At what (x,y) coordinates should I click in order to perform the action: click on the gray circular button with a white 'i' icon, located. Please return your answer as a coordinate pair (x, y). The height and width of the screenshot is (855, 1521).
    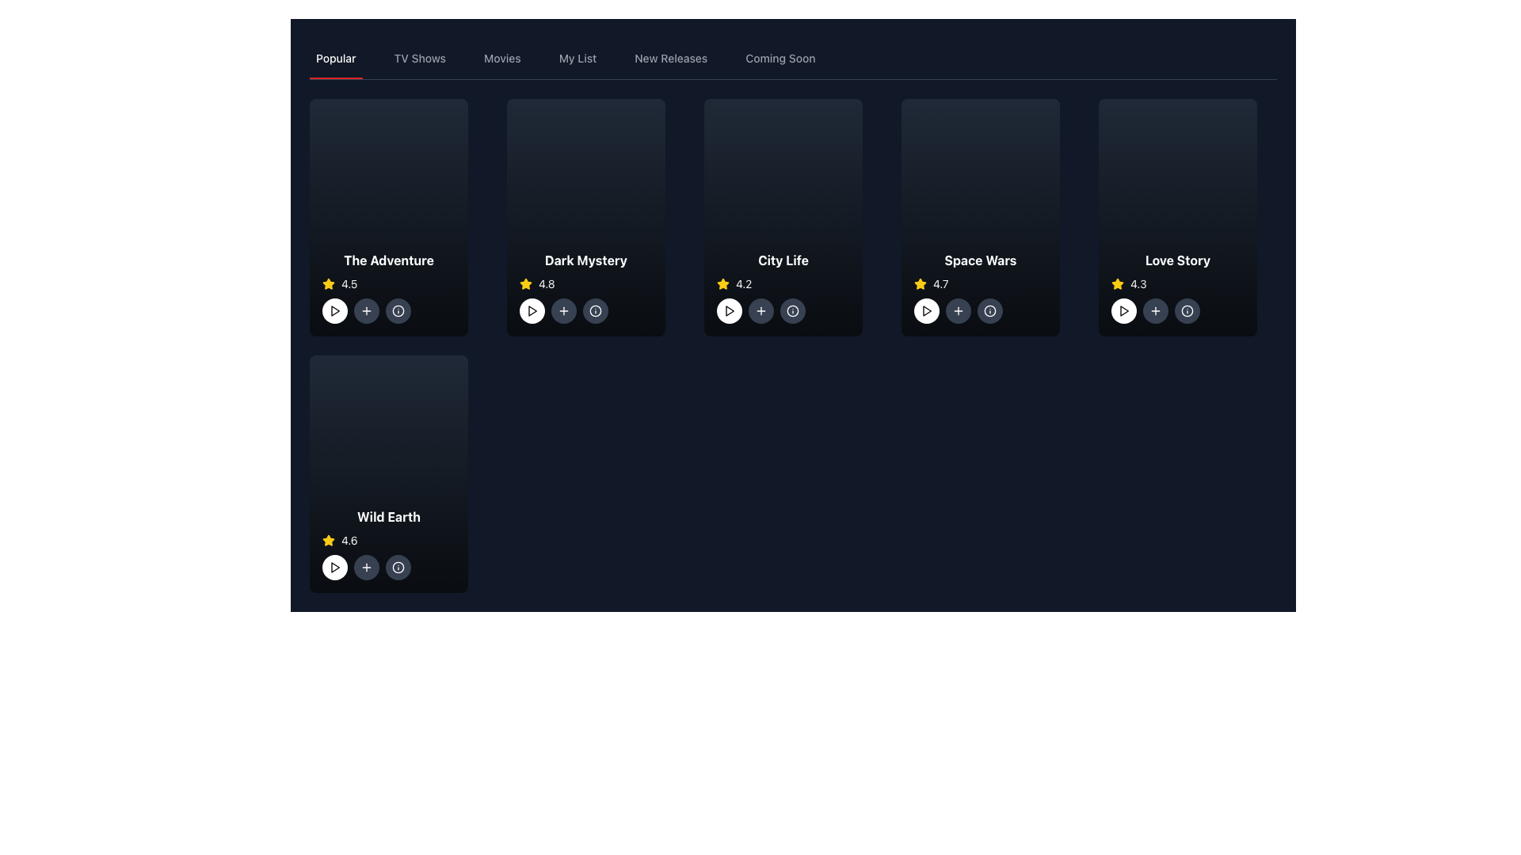
    Looking at the image, I should click on (585, 311).